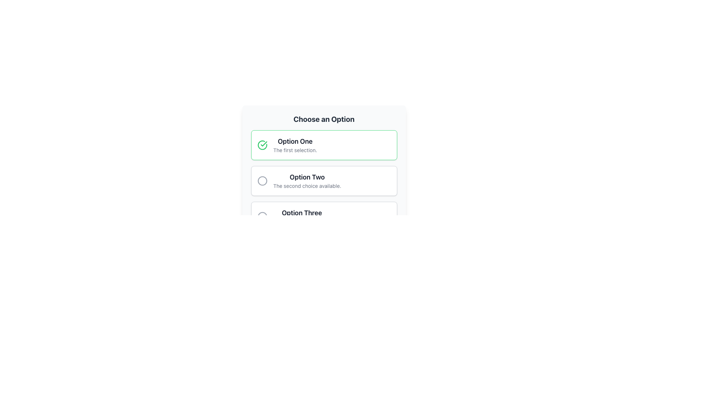 The width and height of the screenshot is (701, 394). What do you see at coordinates (323, 216) in the screenshot?
I see `the 'Option Three' button, which is the third option in a vertically stacked list of buttons` at bounding box center [323, 216].